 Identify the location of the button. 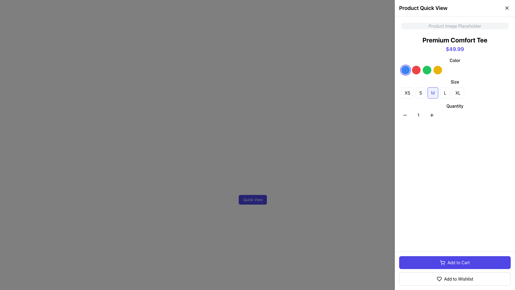
(407, 93).